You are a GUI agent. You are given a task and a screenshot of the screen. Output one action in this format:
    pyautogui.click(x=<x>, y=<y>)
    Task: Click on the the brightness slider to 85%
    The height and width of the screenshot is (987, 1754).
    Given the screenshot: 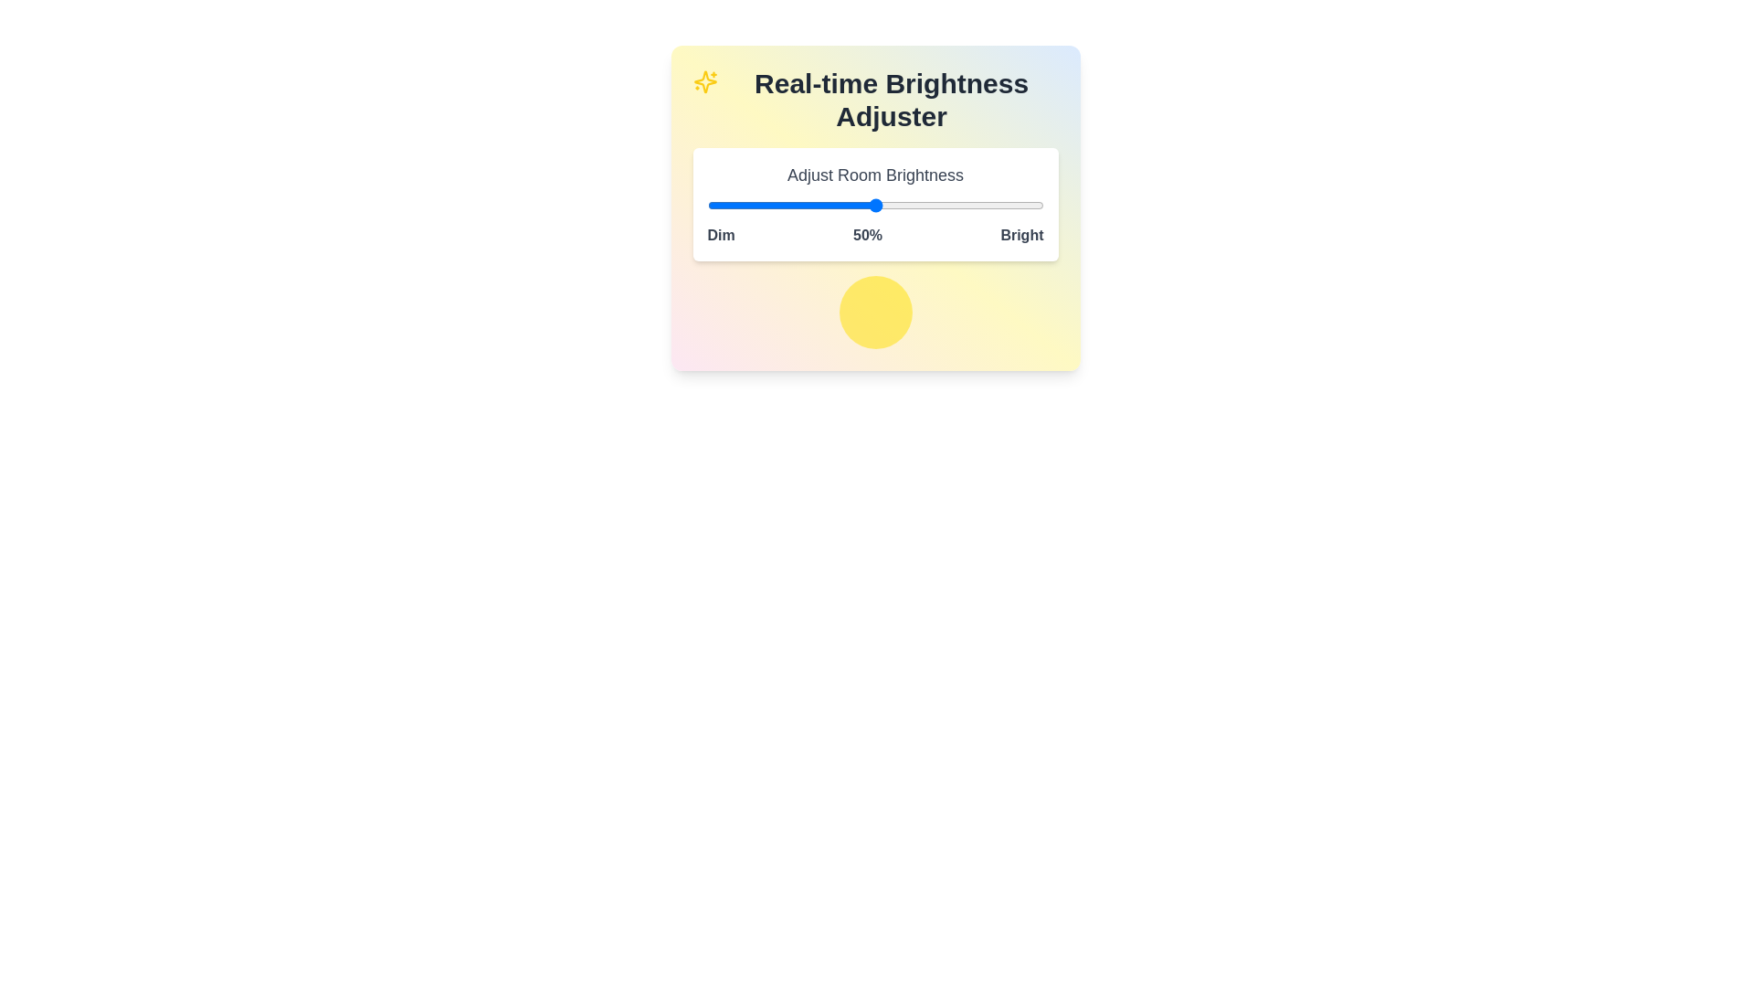 What is the action you would take?
    pyautogui.click(x=992, y=205)
    